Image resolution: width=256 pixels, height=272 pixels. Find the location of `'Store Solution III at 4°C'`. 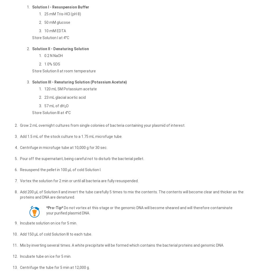

'Store Solution III at 4°C' is located at coordinates (32, 112).